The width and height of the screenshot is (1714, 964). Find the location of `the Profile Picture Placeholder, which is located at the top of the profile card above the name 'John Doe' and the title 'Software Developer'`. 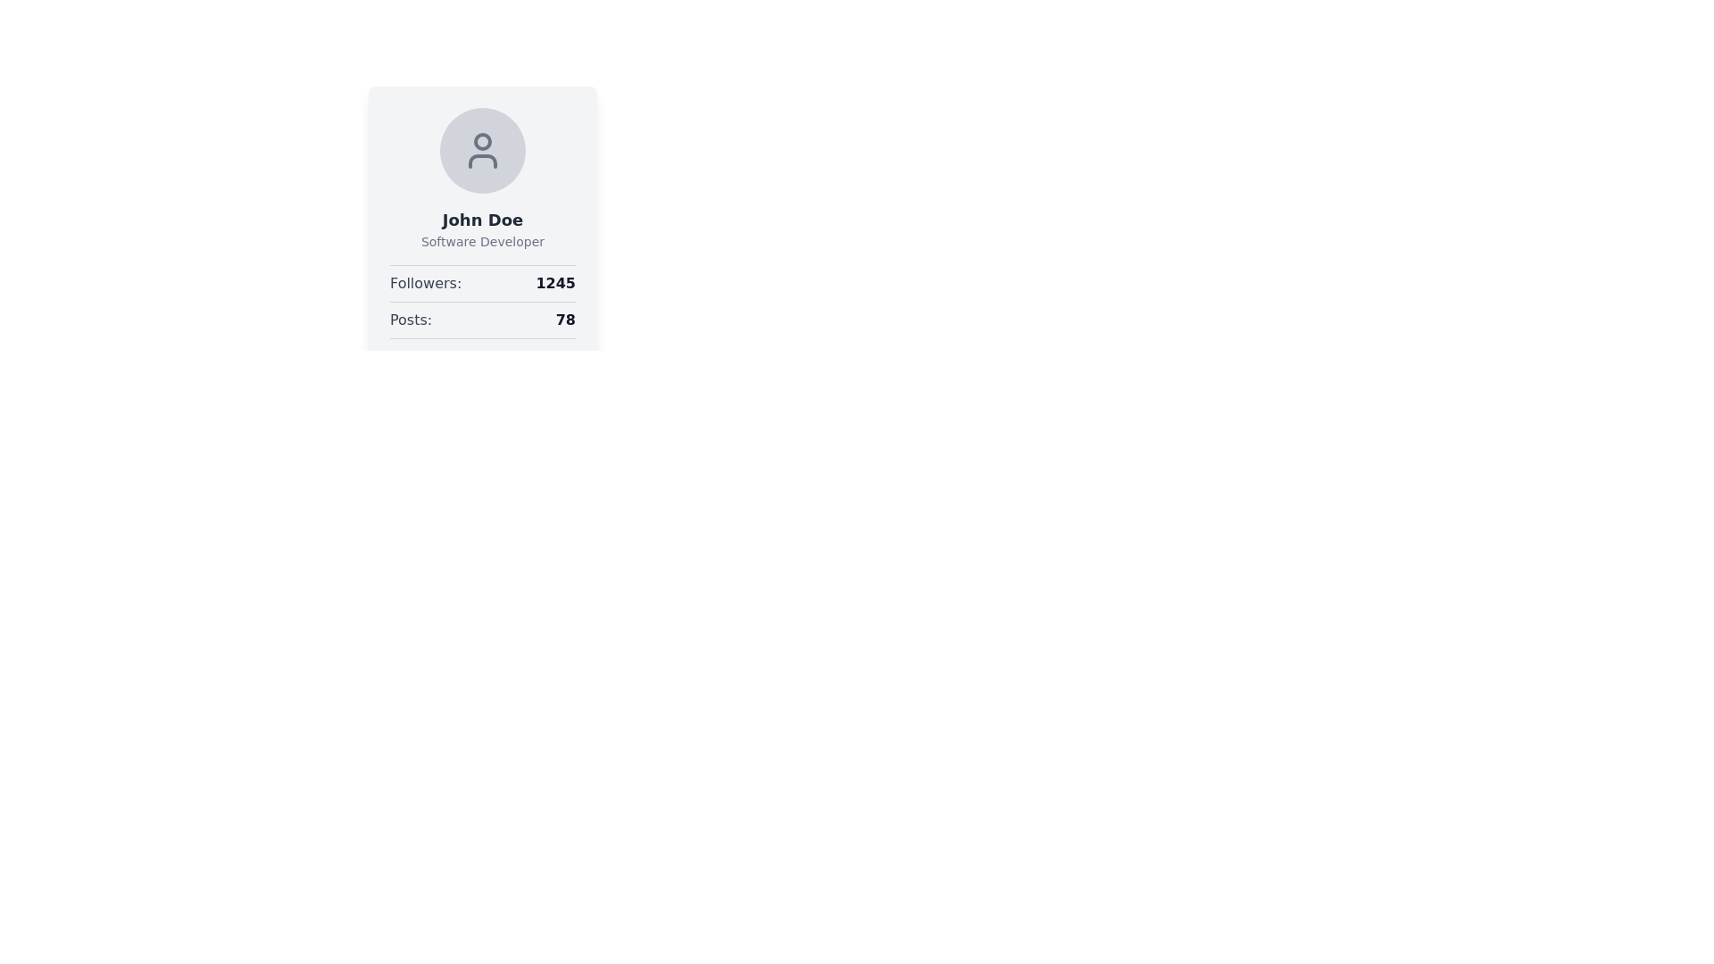

the Profile Picture Placeholder, which is located at the top of the profile card above the name 'John Doe' and the title 'Software Developer' is located at coordinates (483, 150).